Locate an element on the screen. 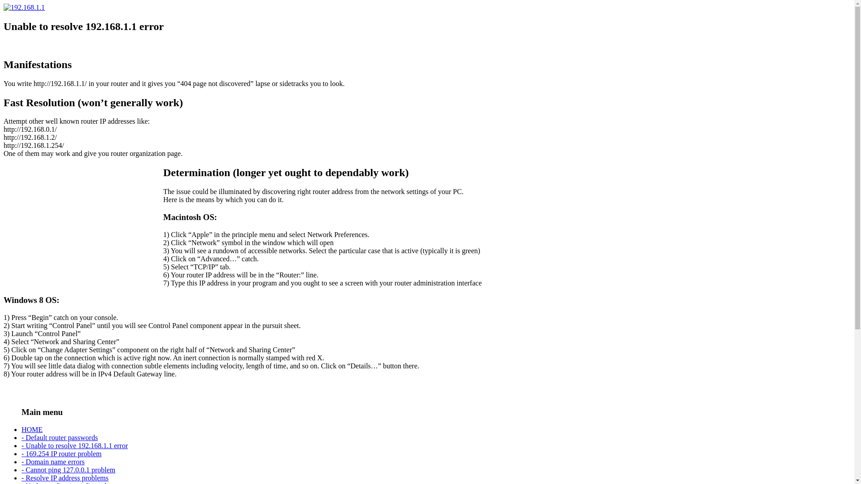  '- Resolve IP address problems' is located at coordinates (64, 477).